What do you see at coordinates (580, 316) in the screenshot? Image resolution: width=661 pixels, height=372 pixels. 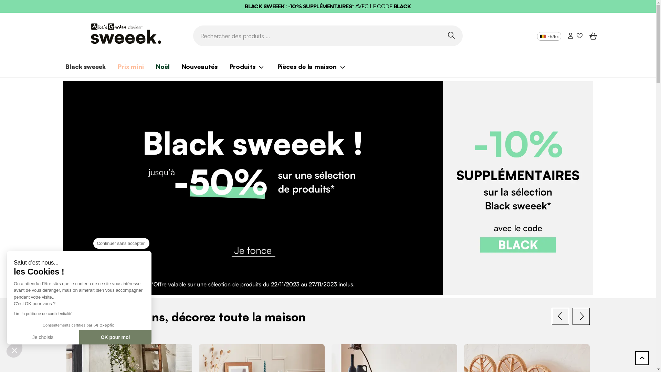 I see `'Next'` at bounding box center [580, 316].